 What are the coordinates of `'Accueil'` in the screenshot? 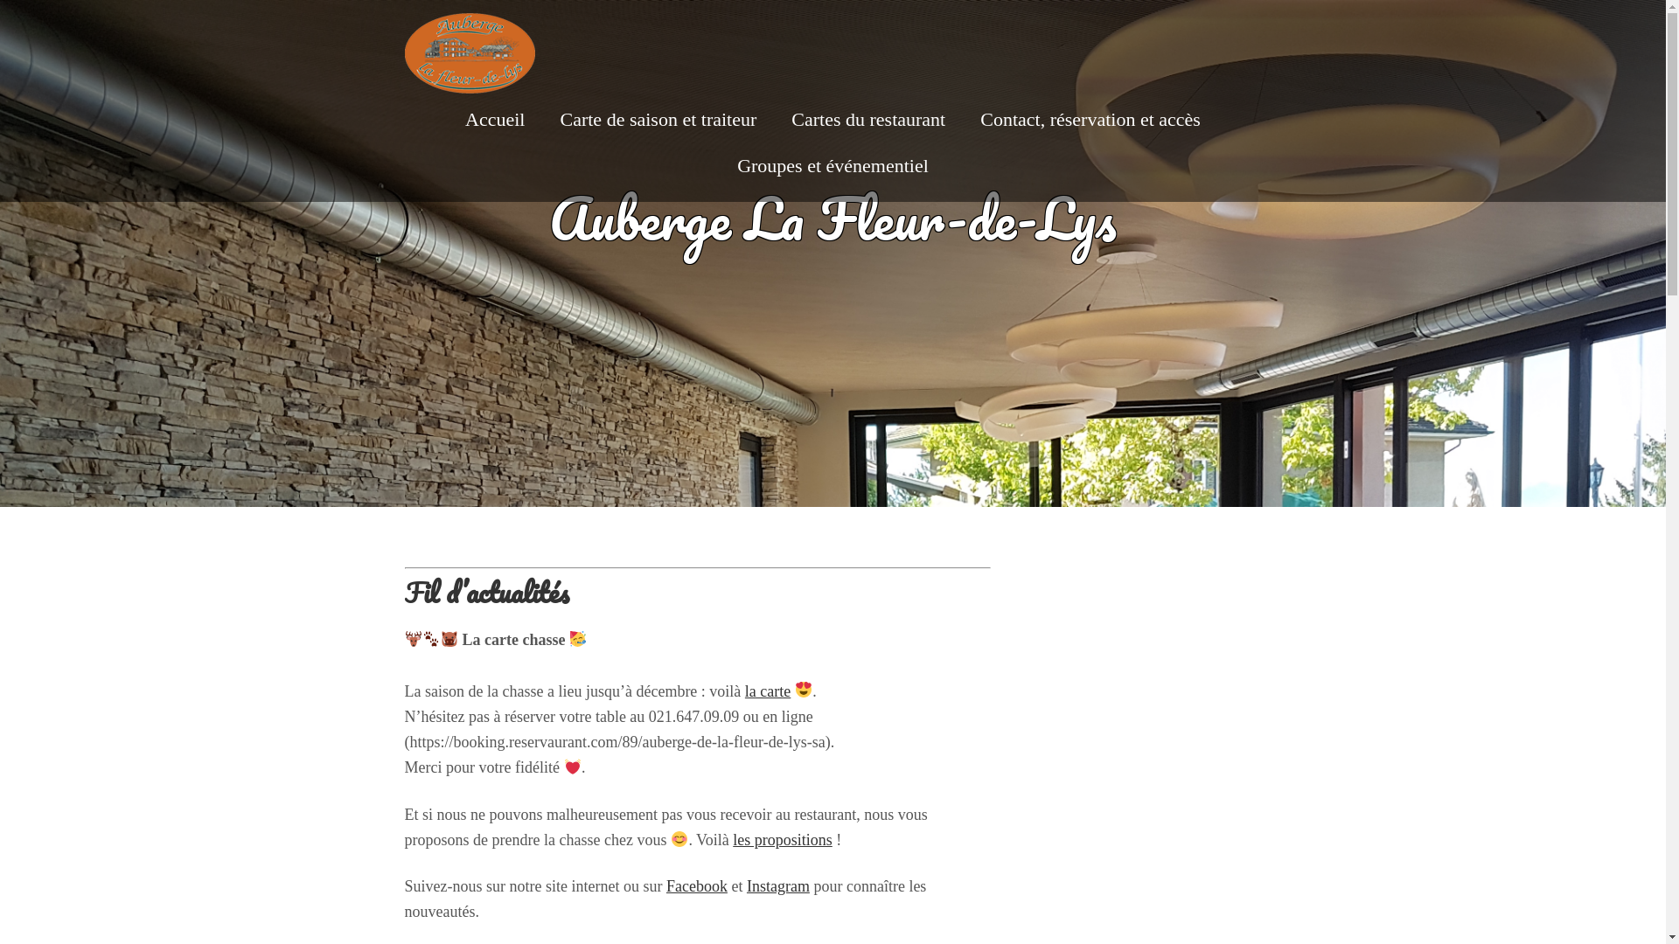 It's located at (494, 118).